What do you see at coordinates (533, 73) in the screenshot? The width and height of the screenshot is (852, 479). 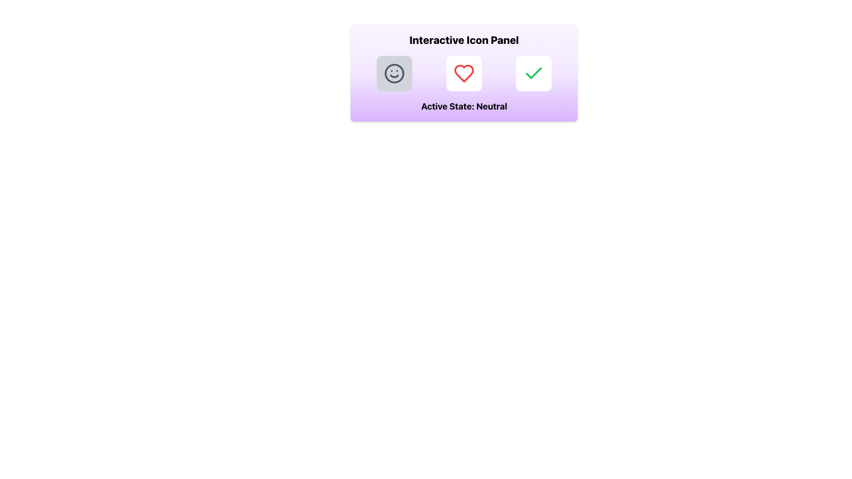 I see `the status indicator icon` at bounding box center [533, 73].